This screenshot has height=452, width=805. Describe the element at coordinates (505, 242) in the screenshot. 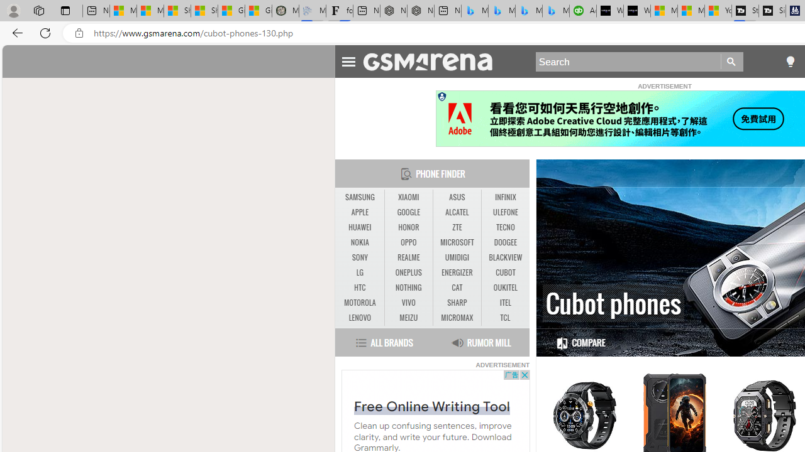

I see `'DOOGEE'` at that location.